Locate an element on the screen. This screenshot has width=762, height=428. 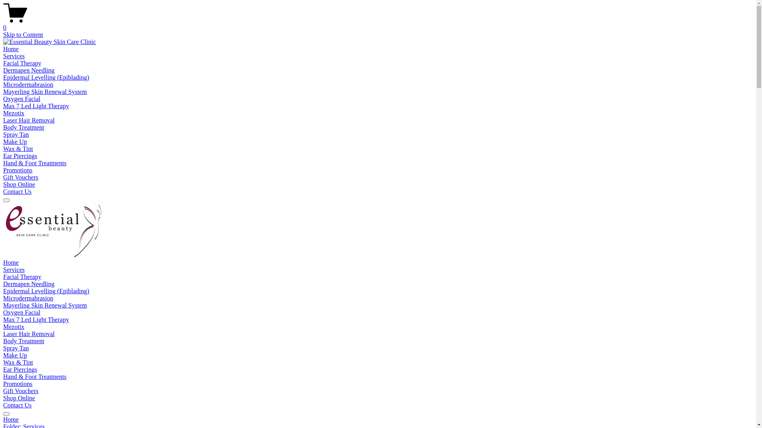
'Oxygen Facial' is located at coordinates (3, 312).